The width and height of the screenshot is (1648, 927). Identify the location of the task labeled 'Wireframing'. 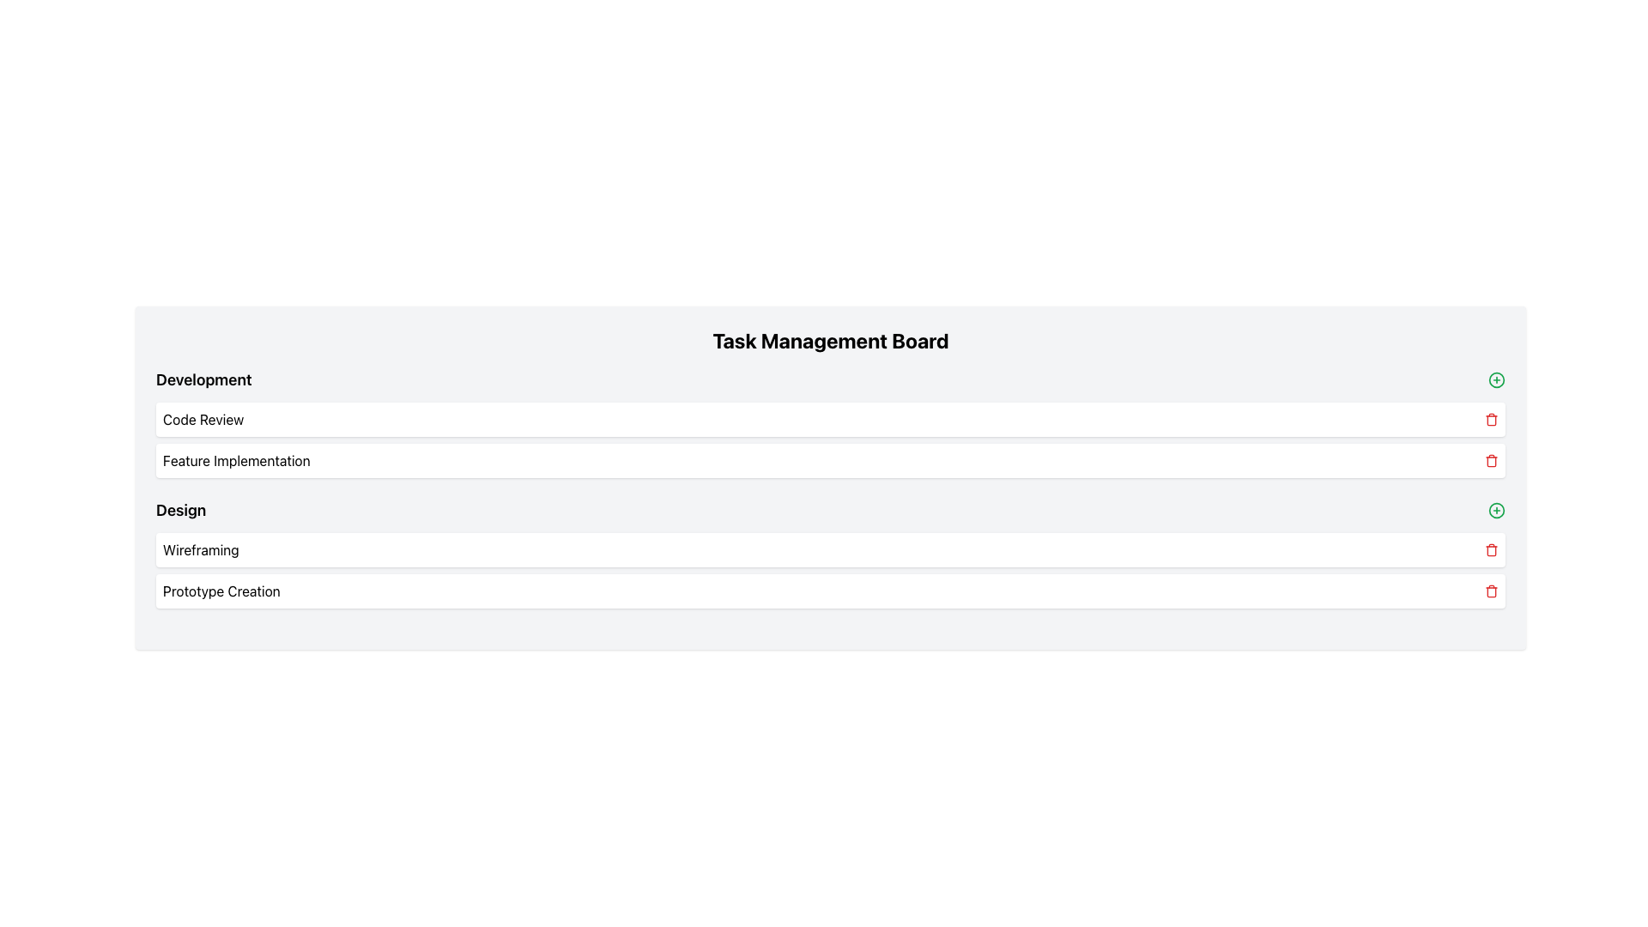
(831, 549).